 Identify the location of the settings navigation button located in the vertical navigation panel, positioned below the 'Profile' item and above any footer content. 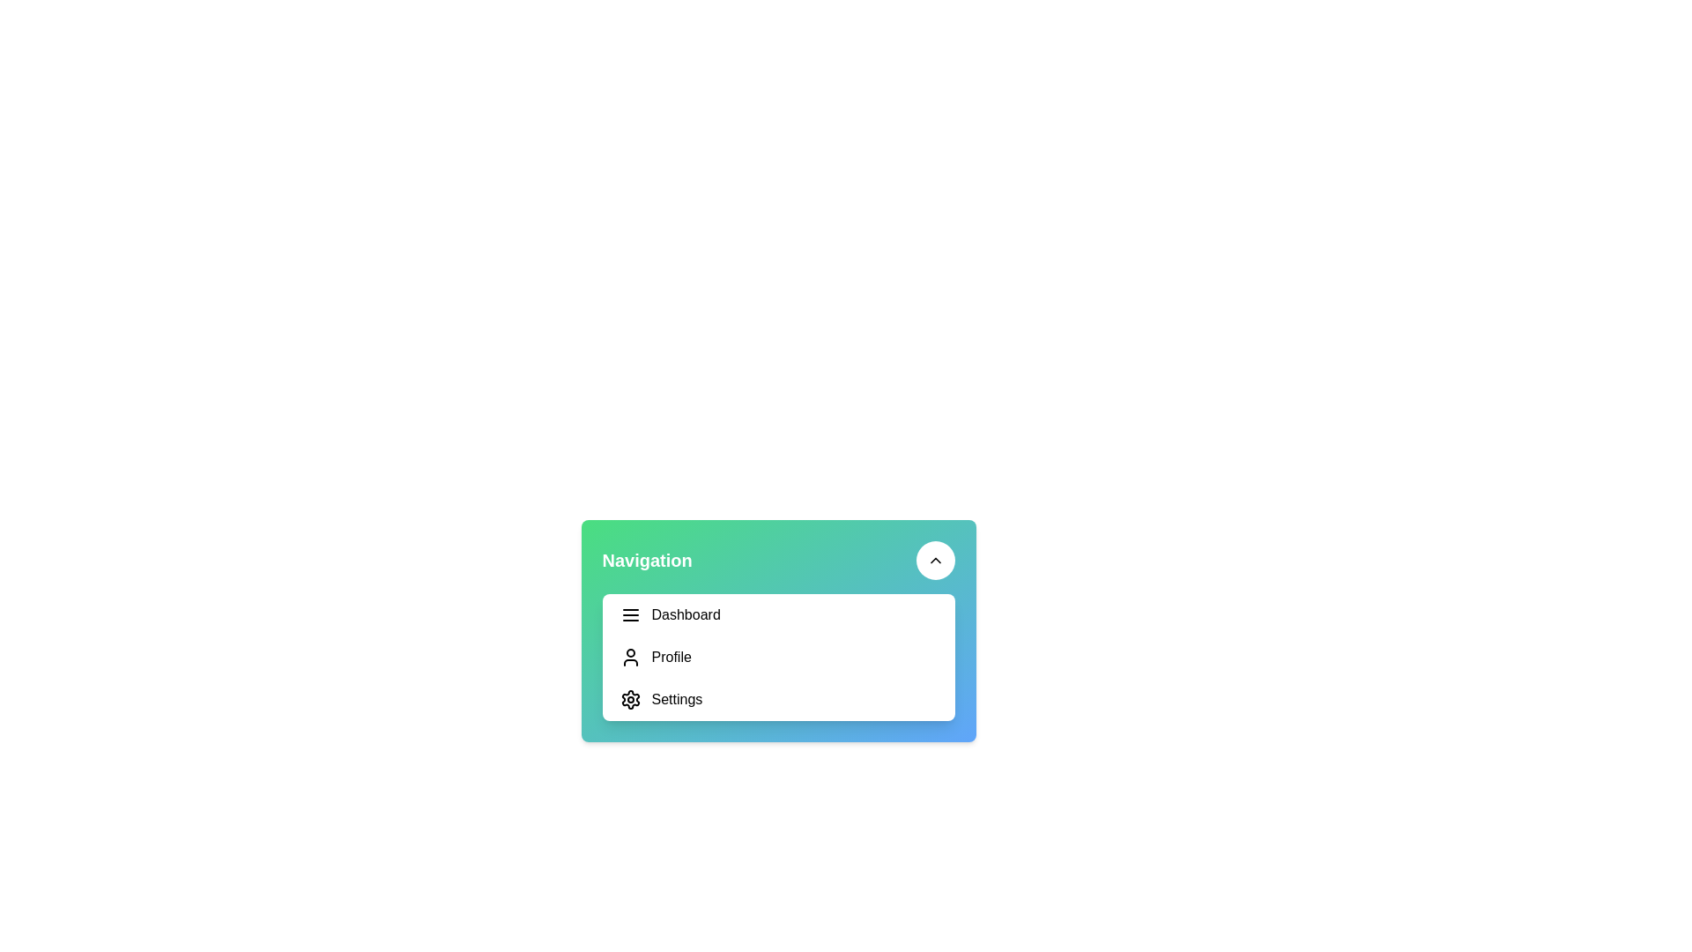
(777, 699).